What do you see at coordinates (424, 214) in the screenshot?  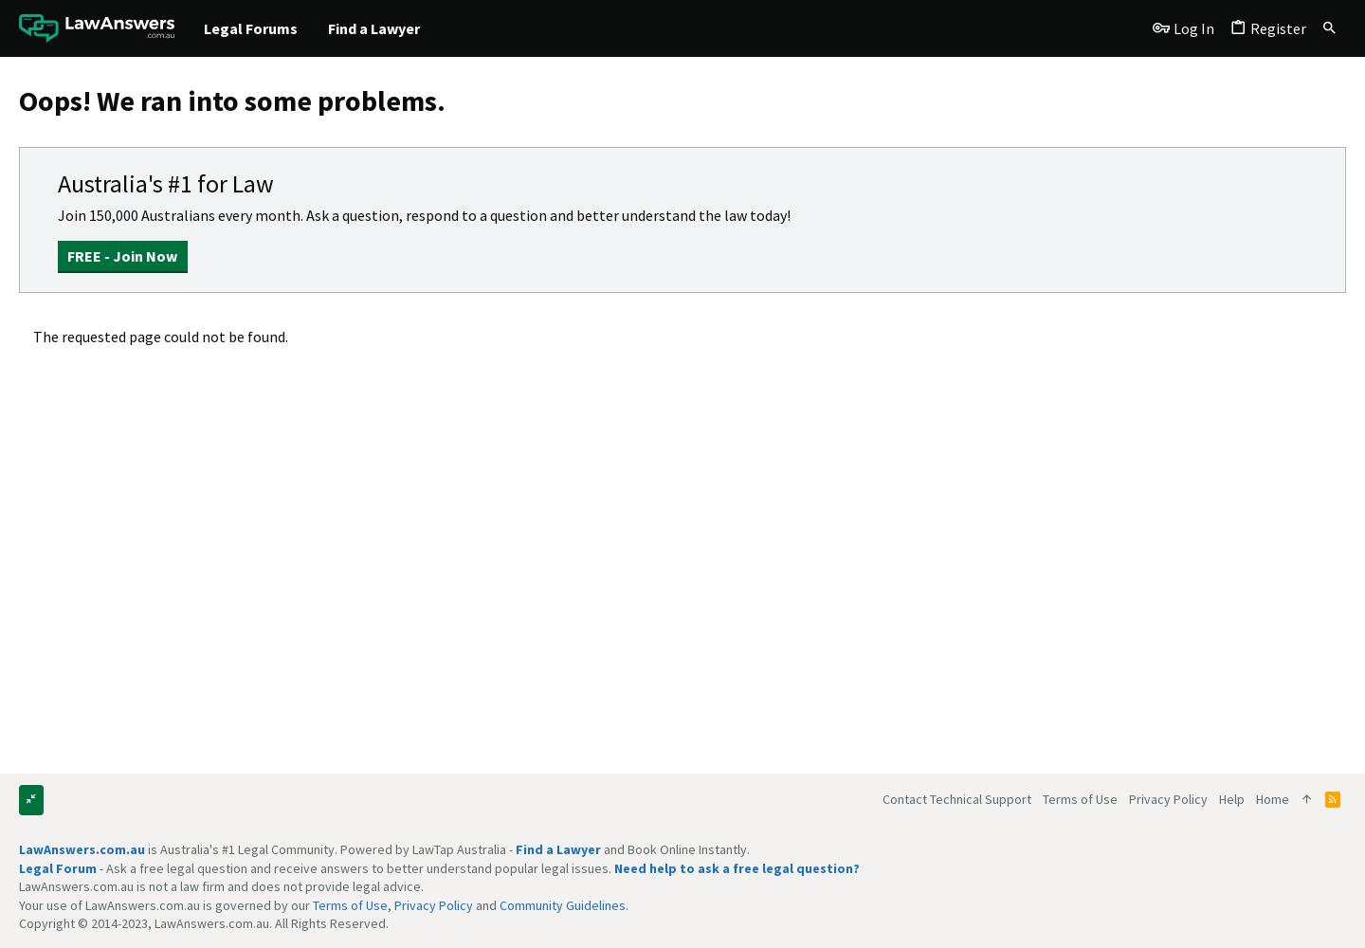 I see `'Join 150,000 Australians every month. Ask a question, respond to a question and better understand the law today!'` at bounding box center [424, 214].